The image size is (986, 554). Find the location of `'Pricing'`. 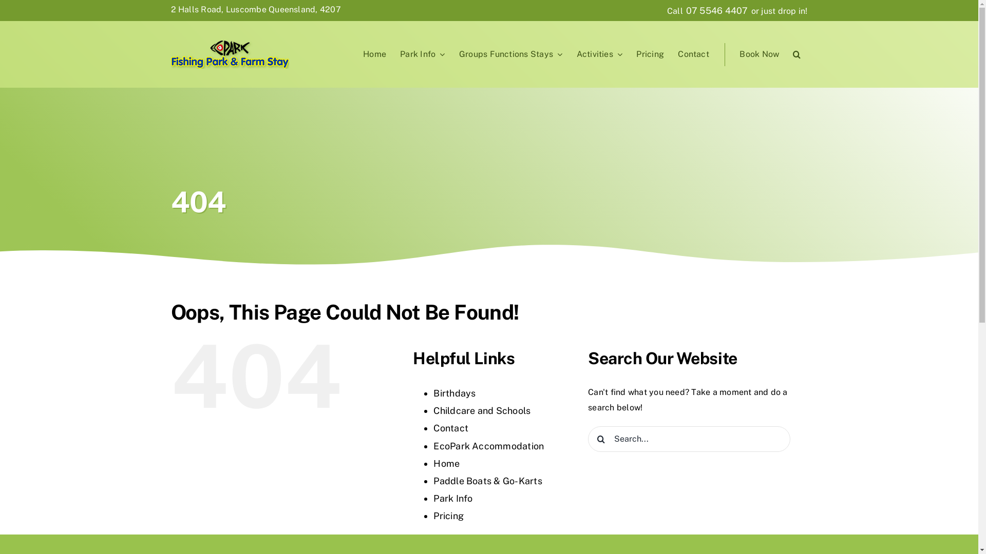

'Pricing' is located at coordinates (650, 54).